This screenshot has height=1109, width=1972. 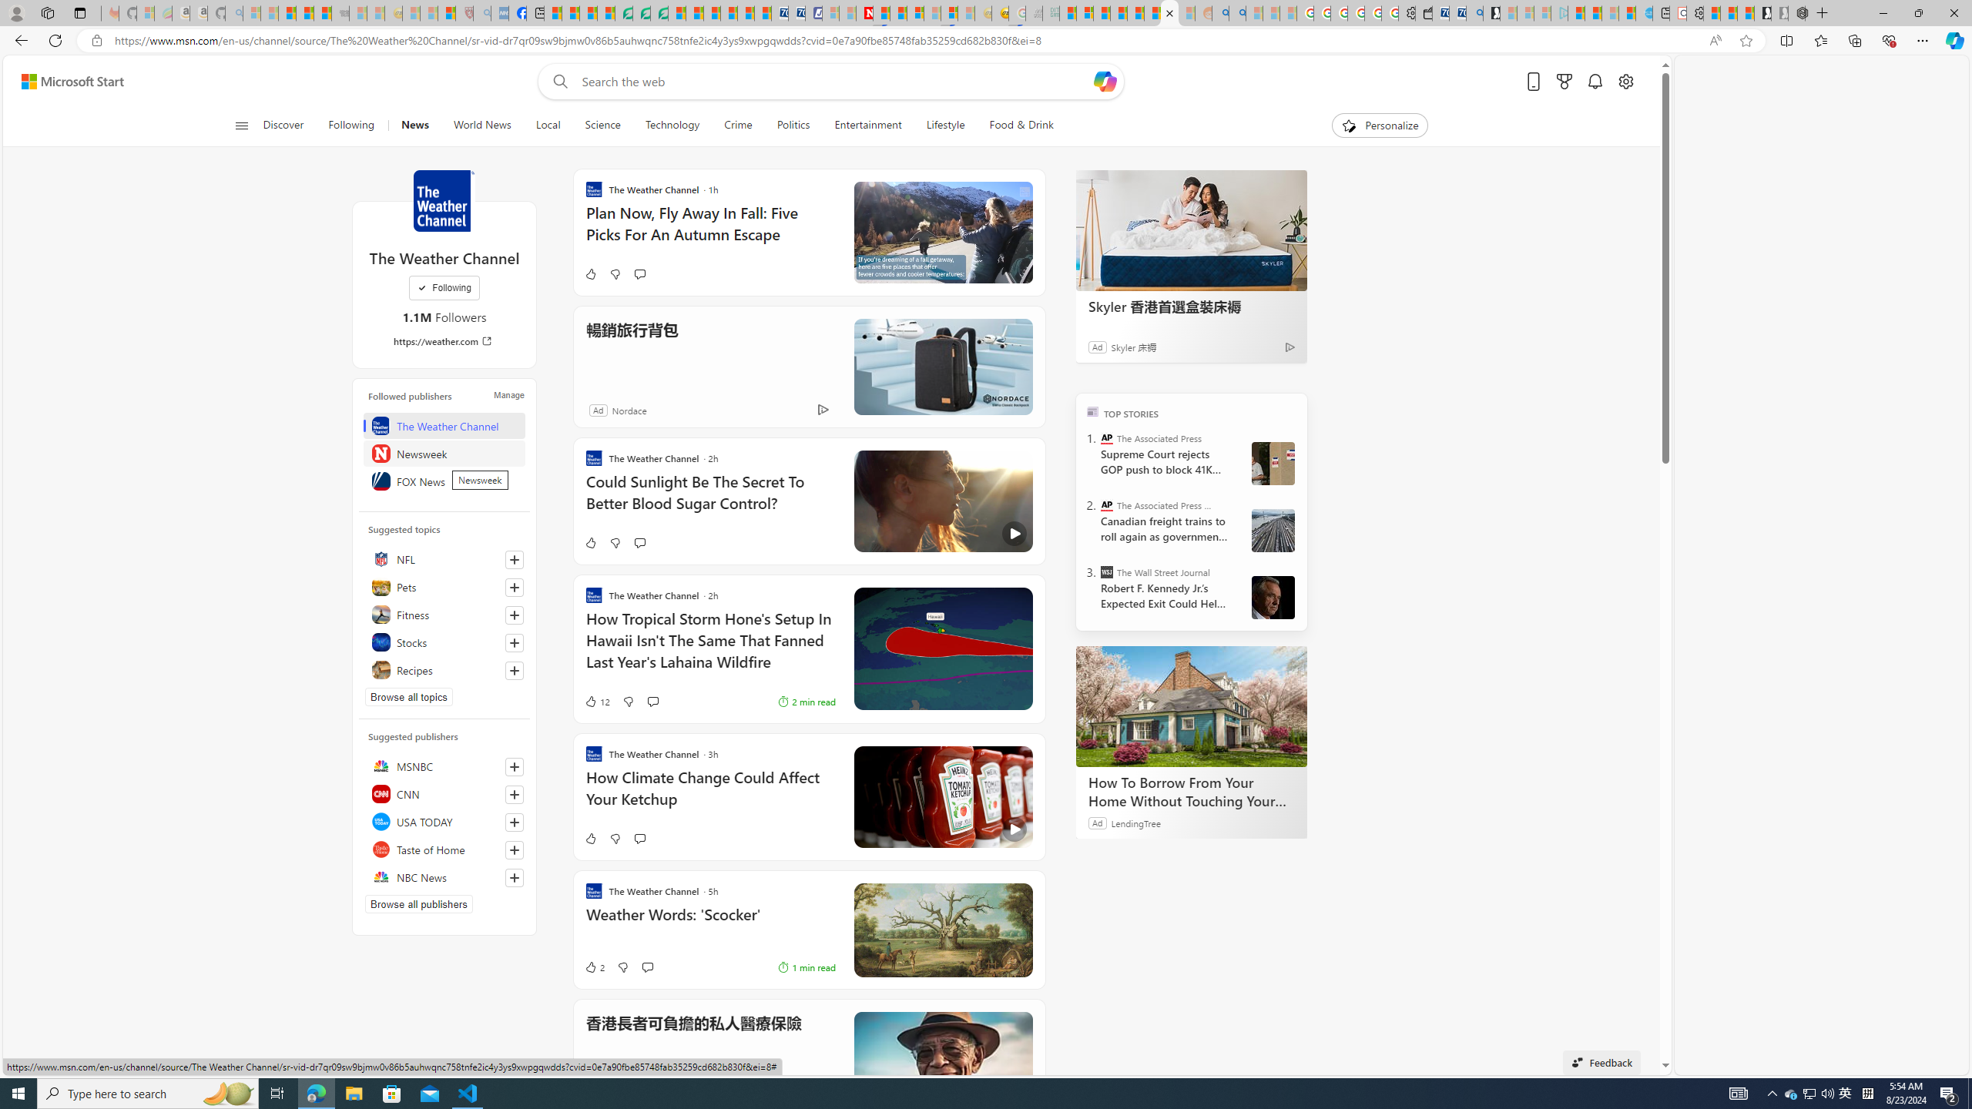 I want to click on 'LendingTree - Compare Lenders', so click(x=624, y=12).